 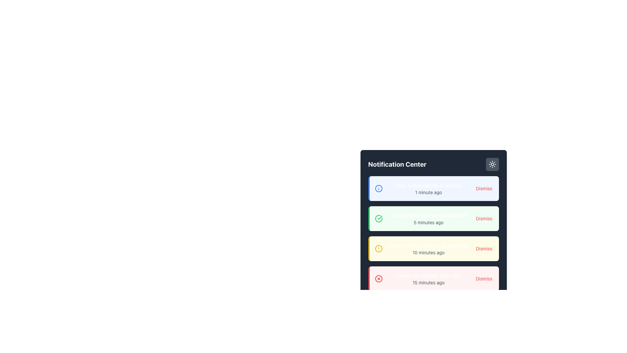 I want to click on the fourth notification card in the vertically stacked list under the 'Notification Center' heading, which informs the user about a failed file upload attempt, so click(x=433, y=278).